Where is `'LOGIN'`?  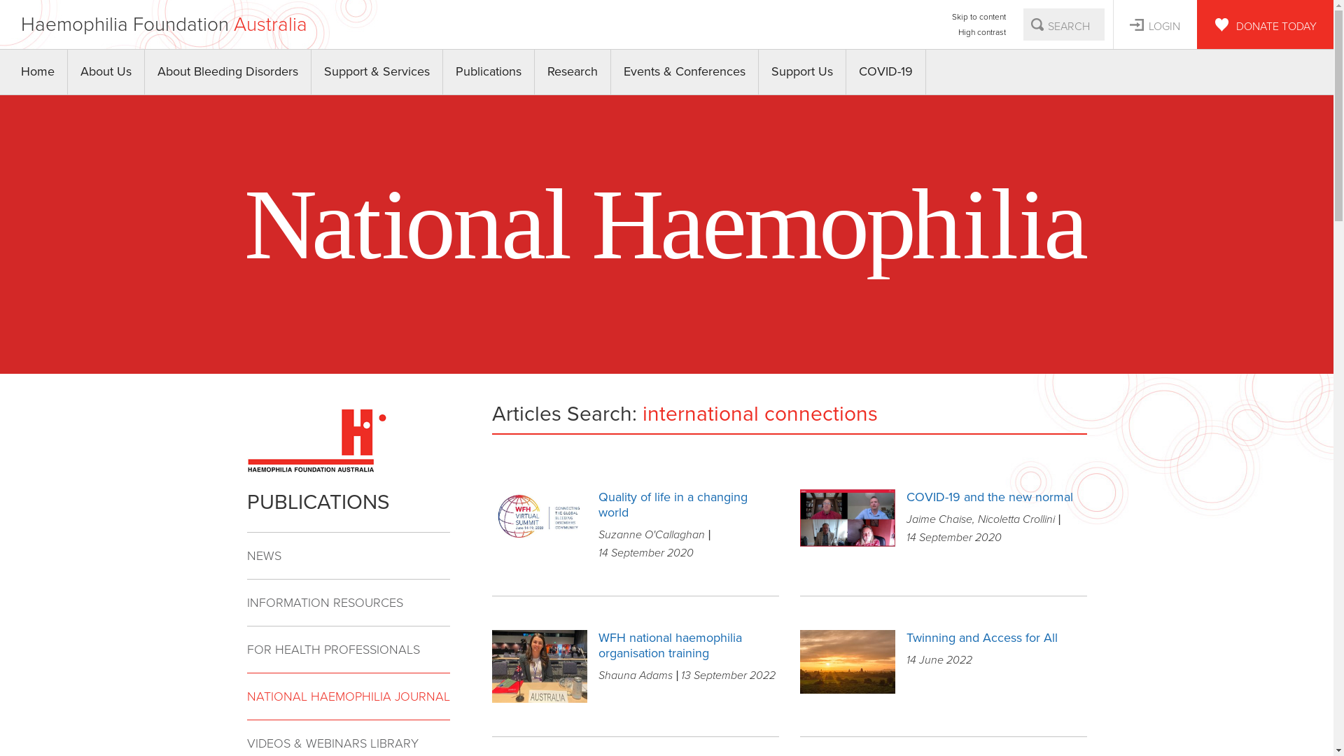
'LOGIN' is located at coordinates (1112, 24).